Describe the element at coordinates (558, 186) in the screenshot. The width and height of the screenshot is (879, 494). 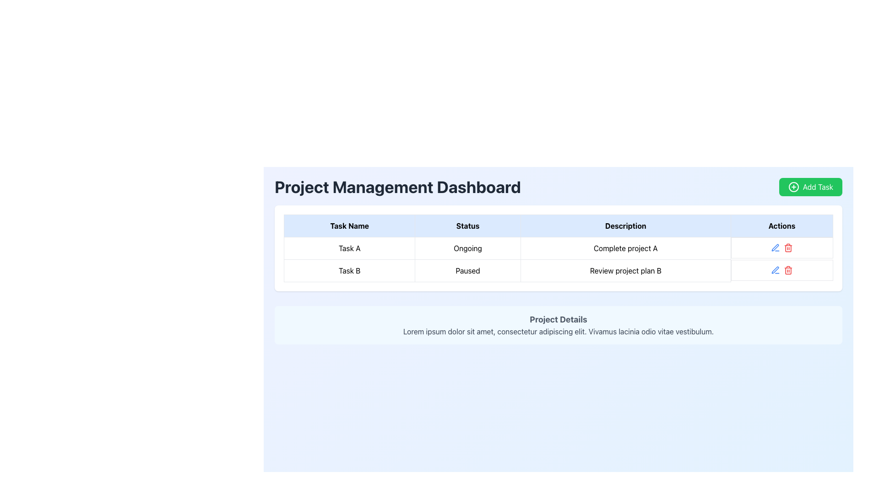
I see `the Header section labeled 'Project Management Dashboard' which contains the 'Add Task' button for navigation` at that location.